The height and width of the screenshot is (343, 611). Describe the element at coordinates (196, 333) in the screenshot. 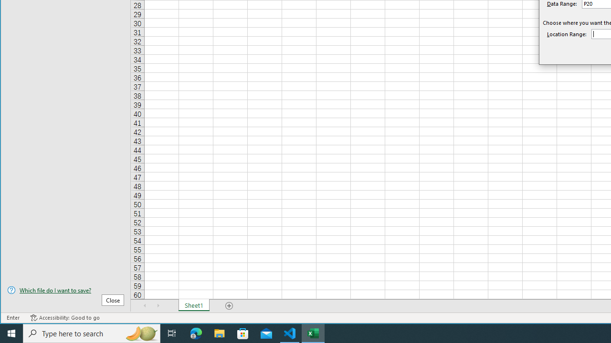

I see `'Microsoft Edge'` at that location.